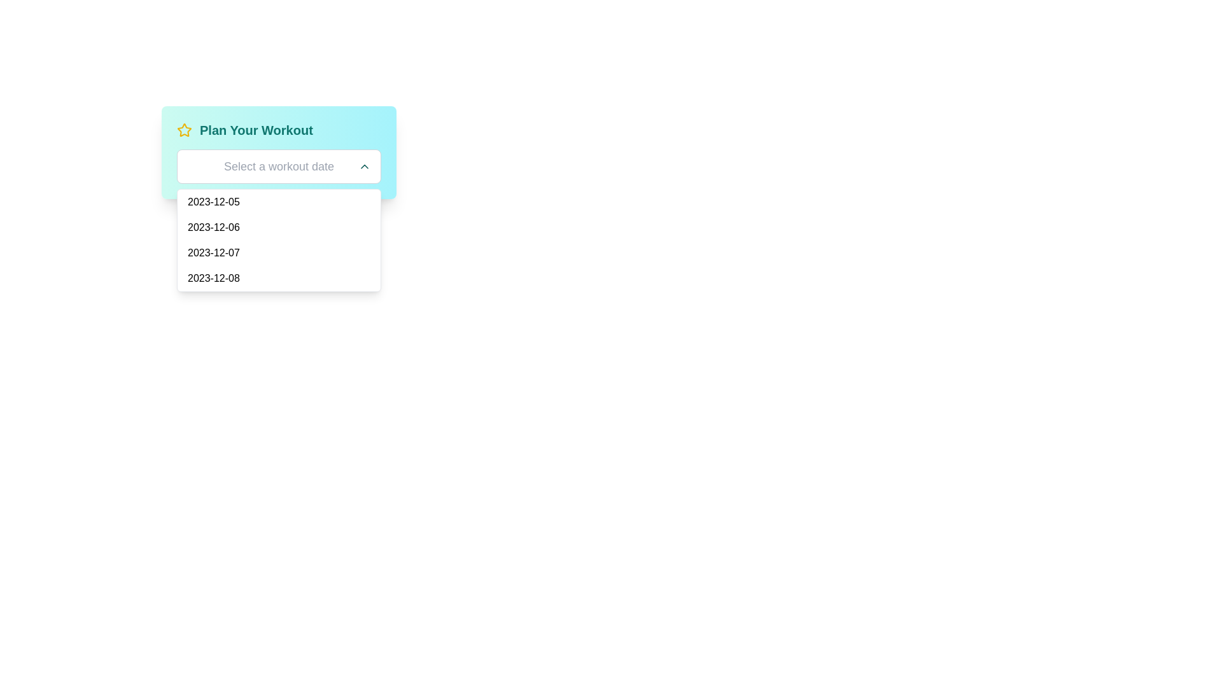 This screenshot has width=1222, height=687. What do you see at coordinates (278, 240) in the screenshot?
I see `an option in the dropdown list below the 'Select a workout date' input field` at bounding box center [278, 240].